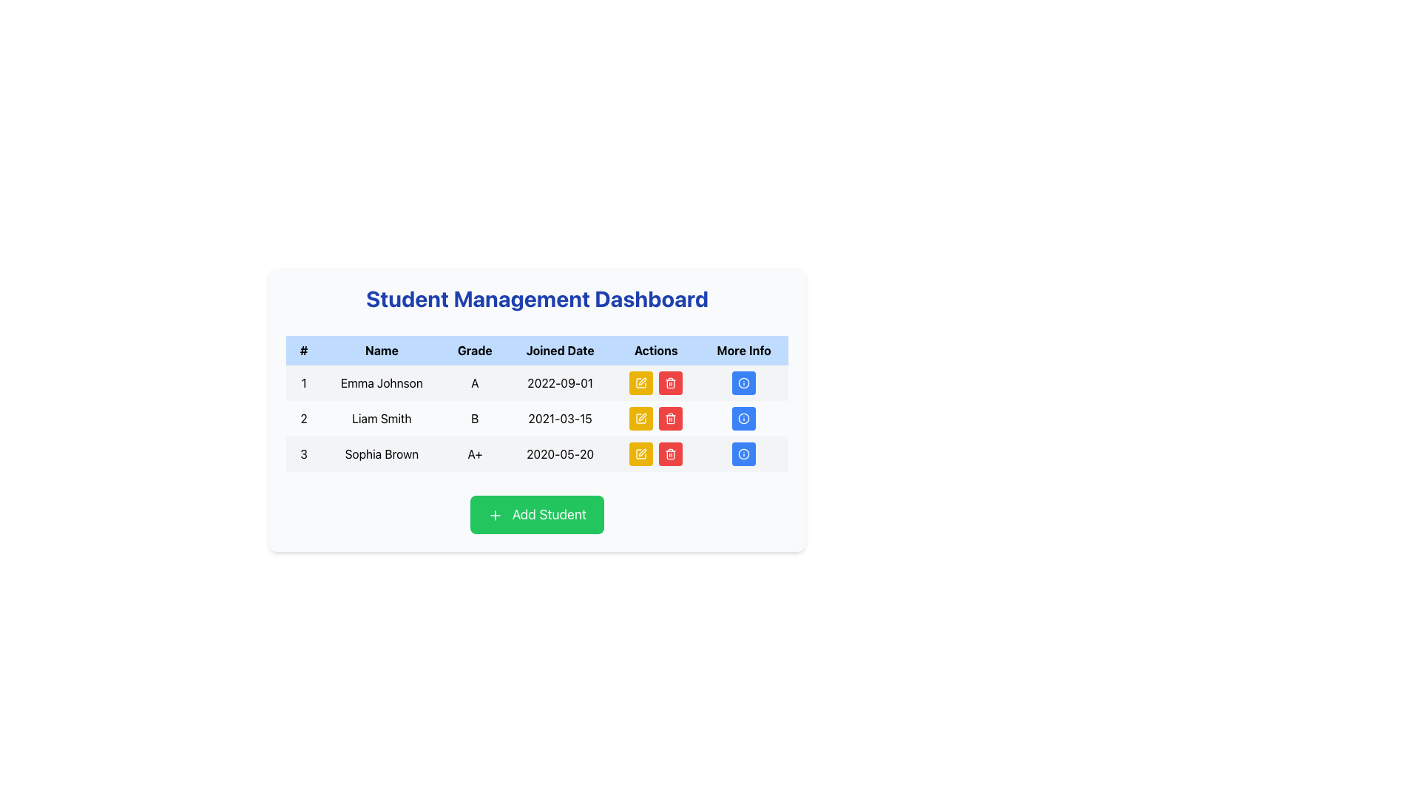  I want to click on the edit button located in the second row of the table under the 'Actions' column, so click(641, 419).